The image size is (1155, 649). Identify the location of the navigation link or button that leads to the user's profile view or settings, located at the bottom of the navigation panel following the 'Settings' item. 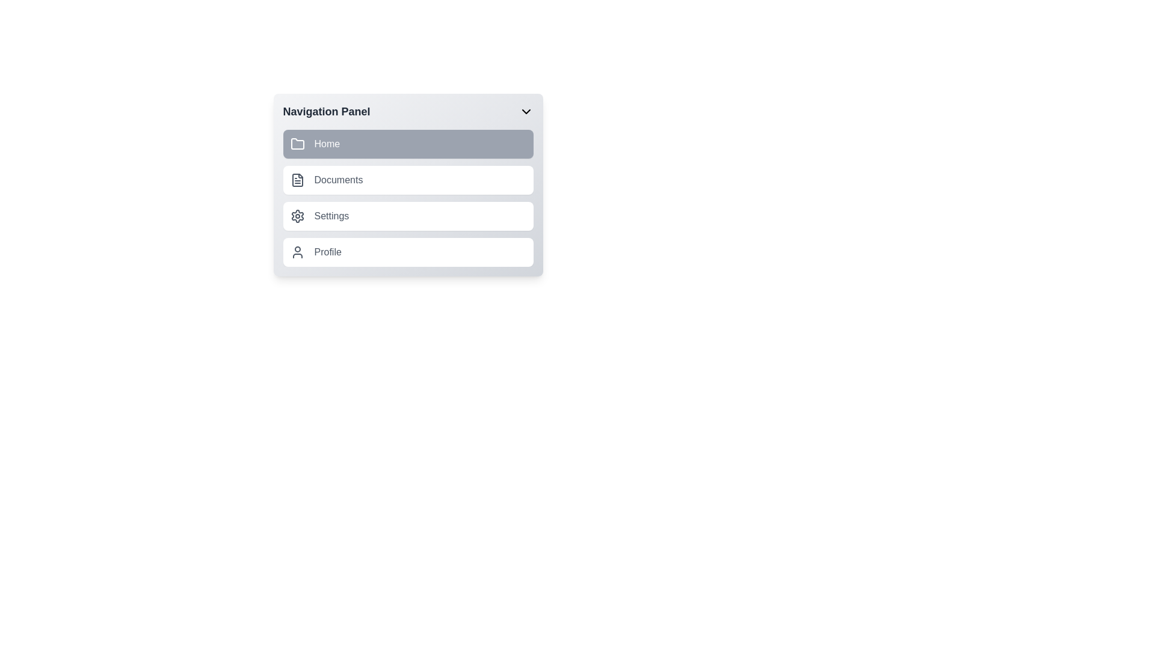
(408, 252).